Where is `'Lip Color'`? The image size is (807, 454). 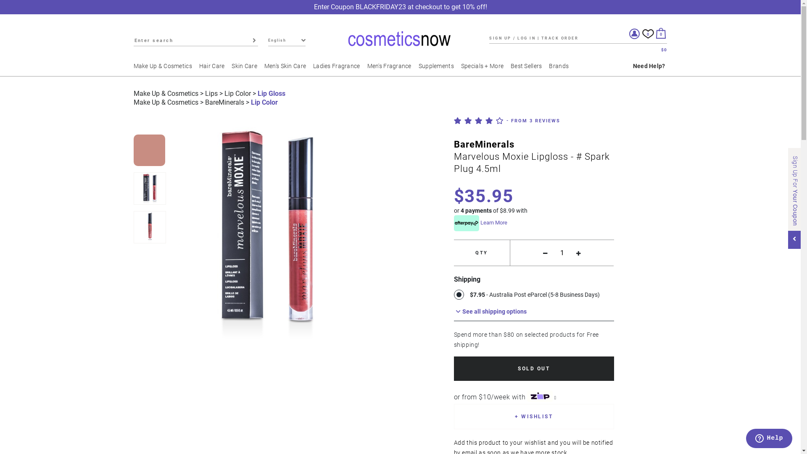 'Lip Color' is located at coordinates (264, 102).